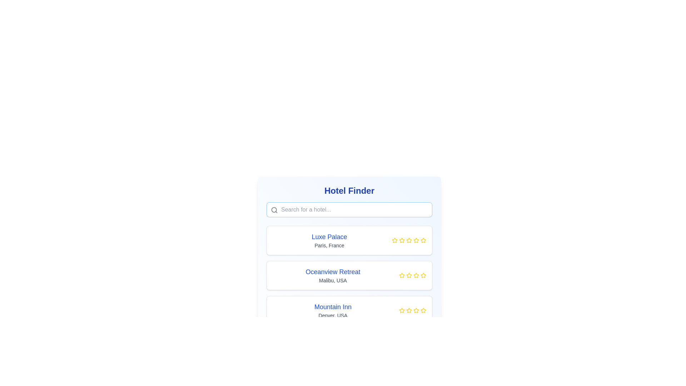 The width and height of the screenshot is (686, 386). What do you see at coordinates (349, 240) in the screenshot?
I see `the first information card in the vertical list of hotel options that includes details about a hotel, positioned above 'Oceanview Retreat'` at bounding box center [349, 240].